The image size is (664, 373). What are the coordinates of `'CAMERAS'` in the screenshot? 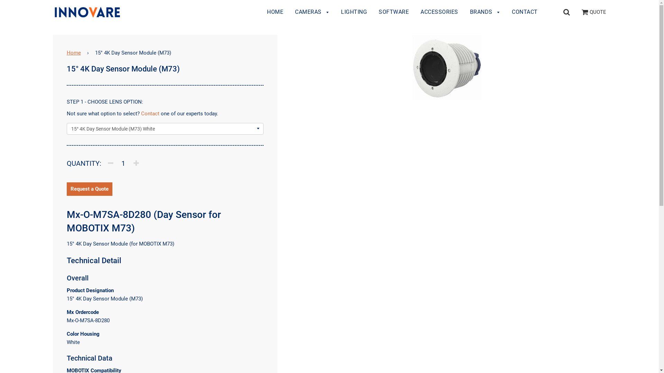 It's located at (312, 12).